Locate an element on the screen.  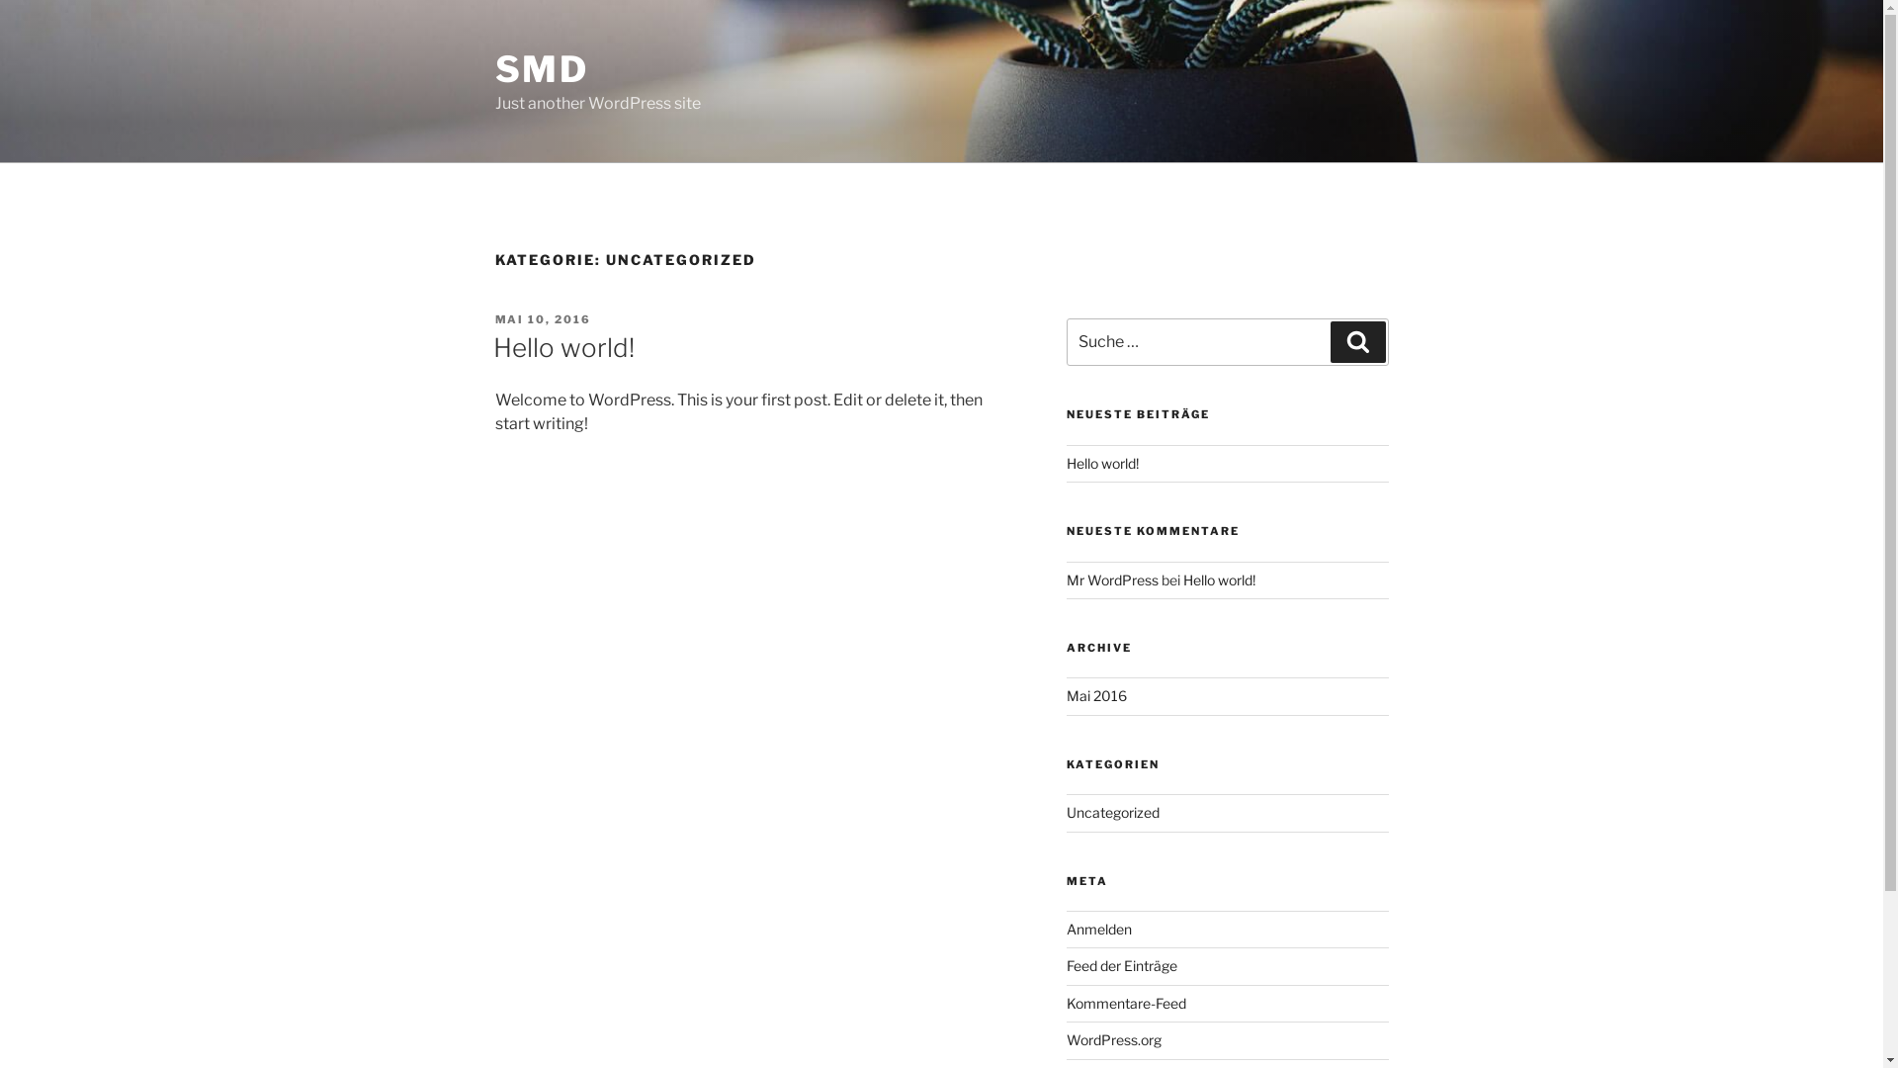
'Uncategorized' is located at coordinates (1113, 812).